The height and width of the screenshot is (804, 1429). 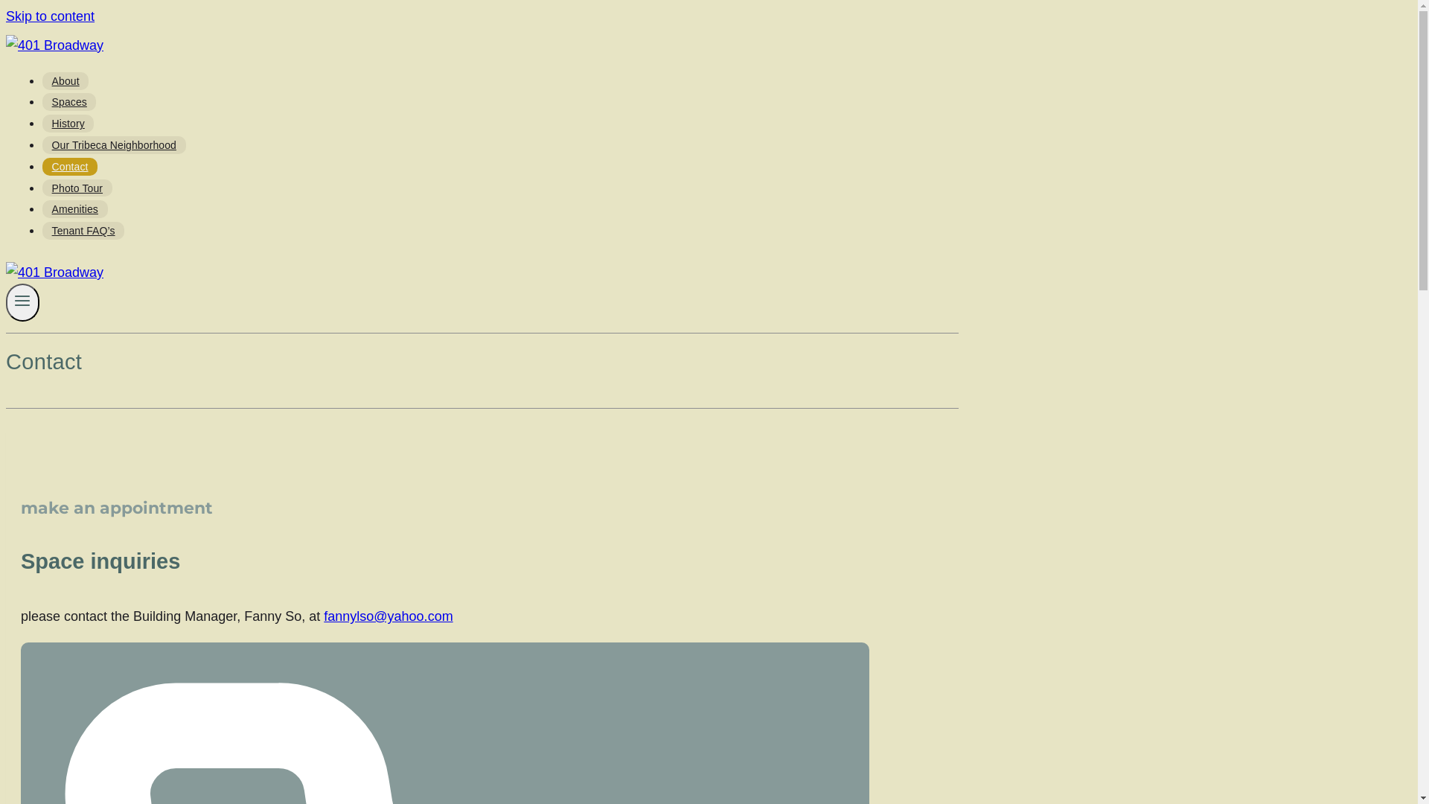 I want to click on 'About', so click(x=64, y=80).